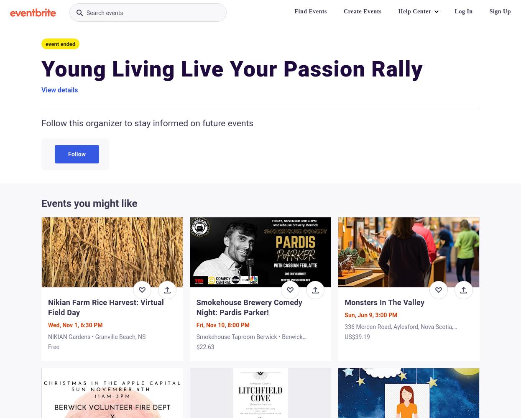 The image size is (521, 418). I want to click on 'Sign Up', so click(488, 11).